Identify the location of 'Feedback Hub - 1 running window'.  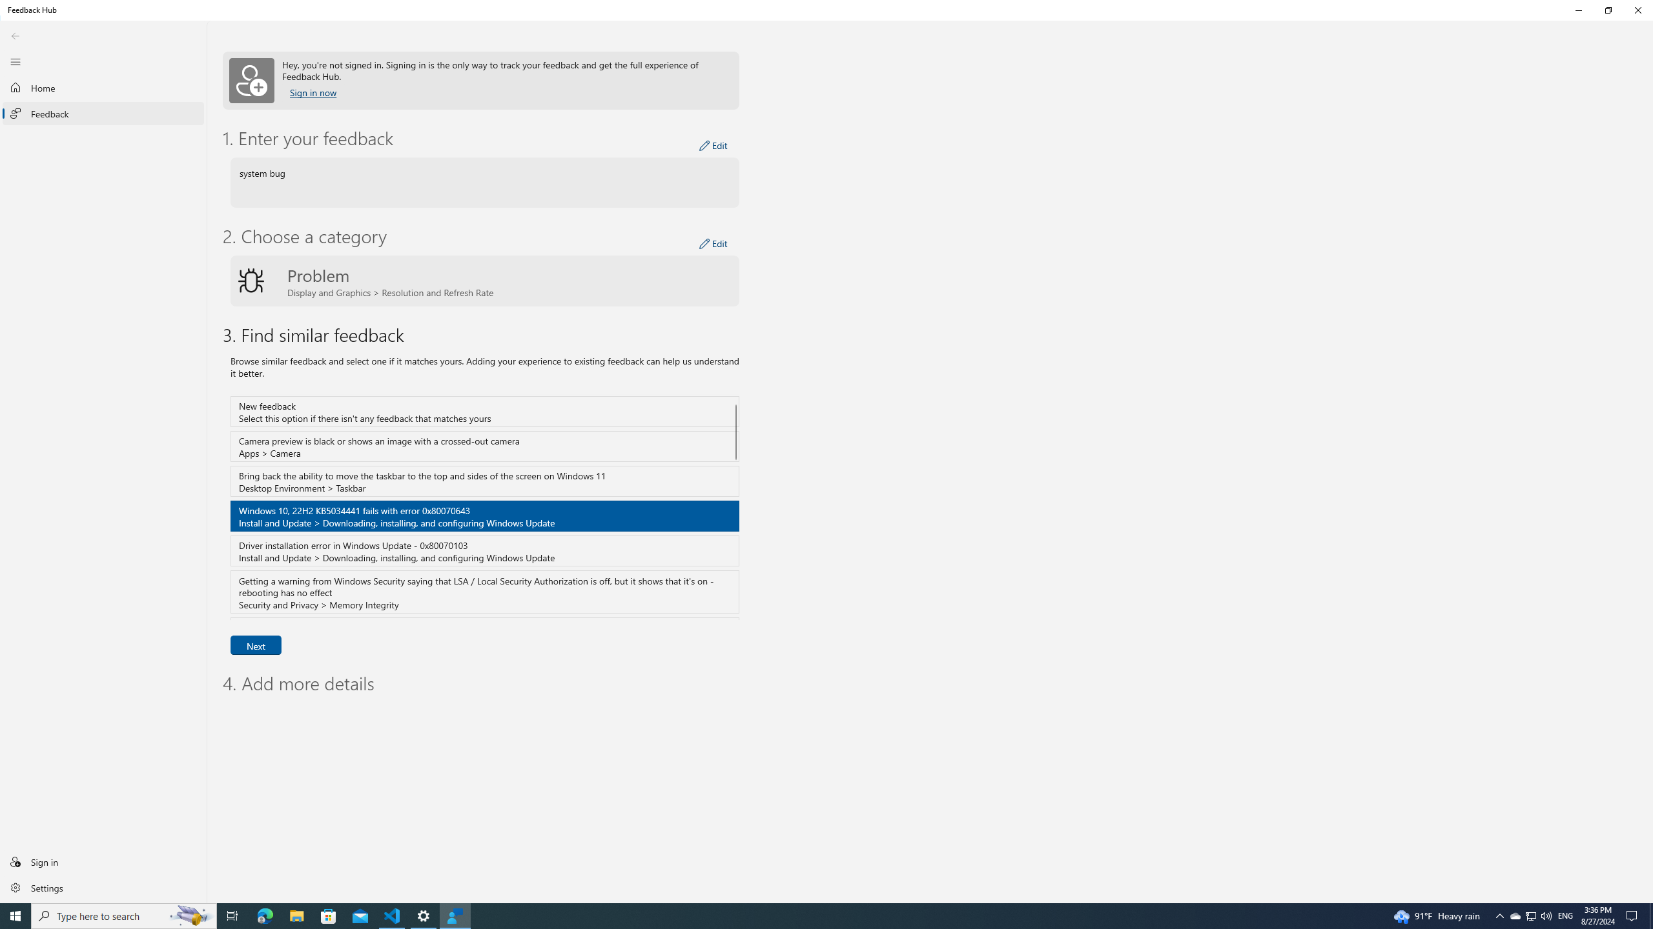
(455, 915).